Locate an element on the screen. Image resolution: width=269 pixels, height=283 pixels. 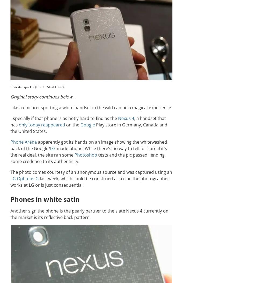
'Google' is located at coordinates (80, 124).